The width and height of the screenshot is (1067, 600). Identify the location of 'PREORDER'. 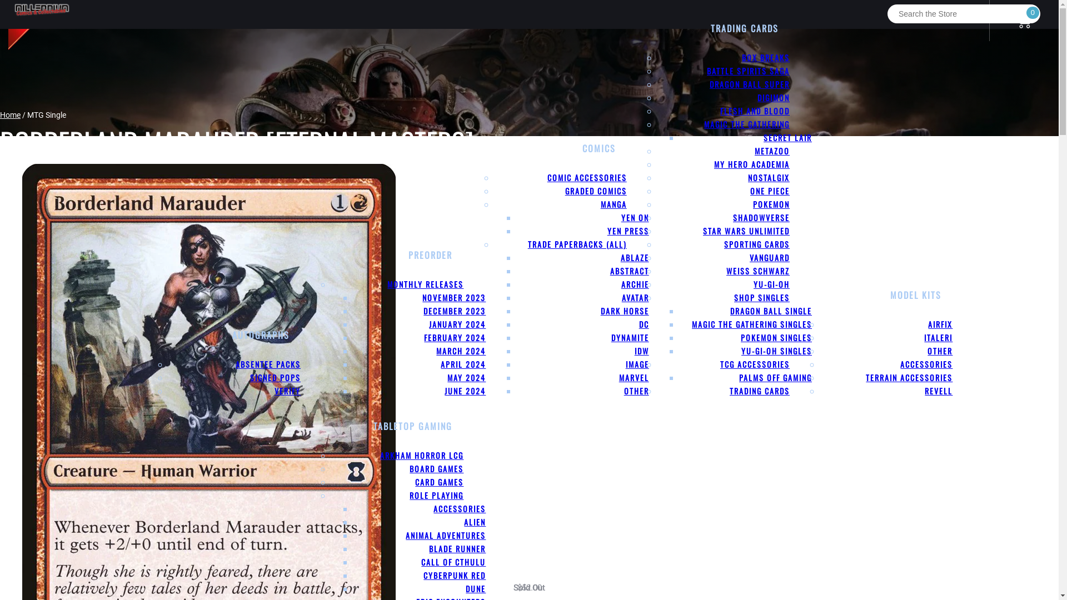
(431, 255).